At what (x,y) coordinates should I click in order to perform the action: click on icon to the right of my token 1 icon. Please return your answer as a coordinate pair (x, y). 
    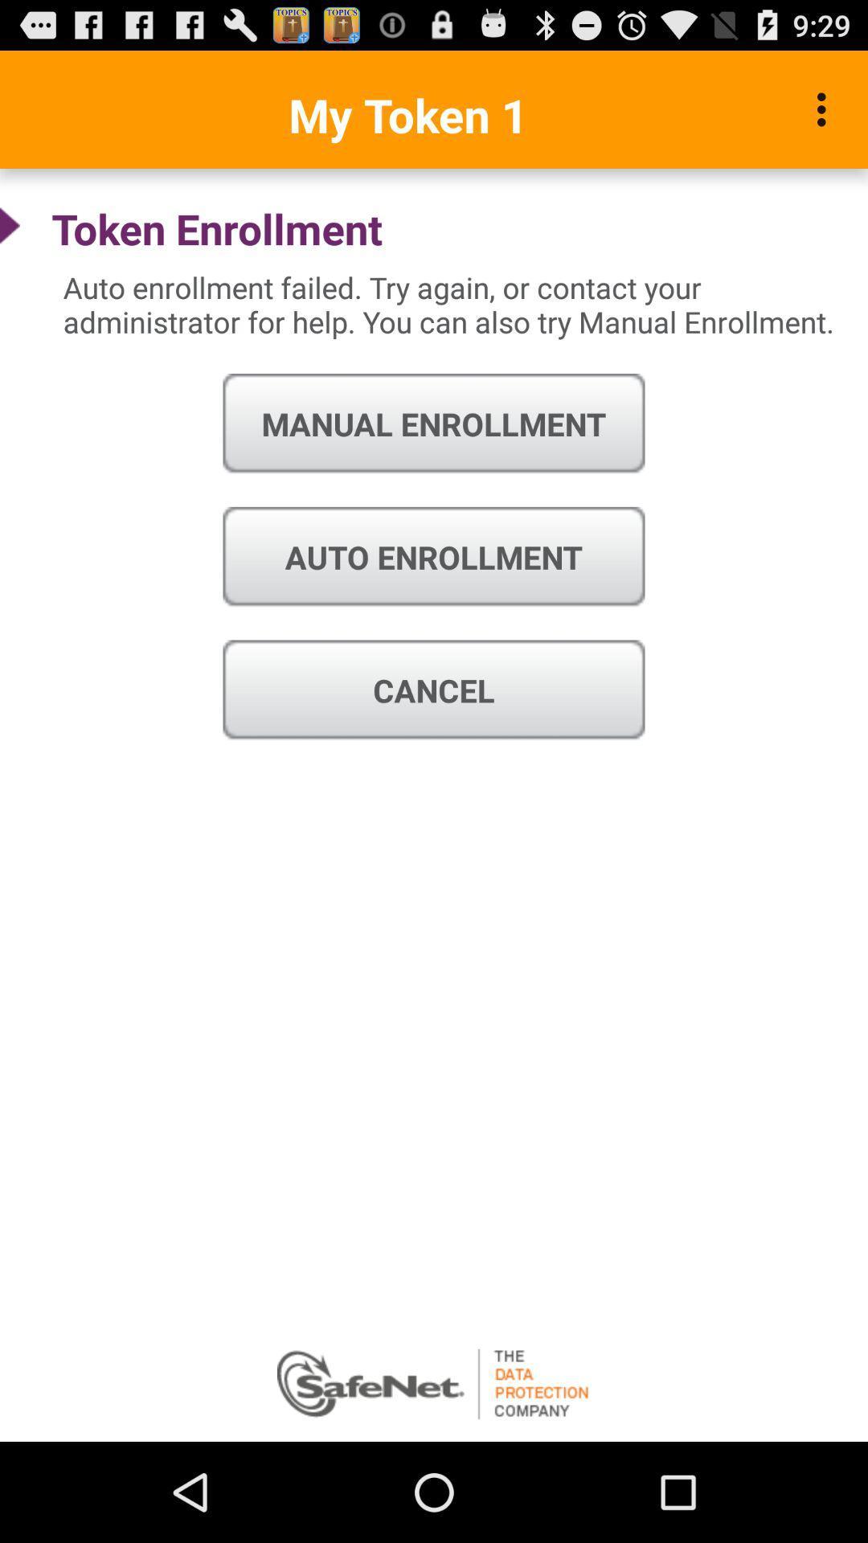
    Looking at the image, I should click on (825, 108).